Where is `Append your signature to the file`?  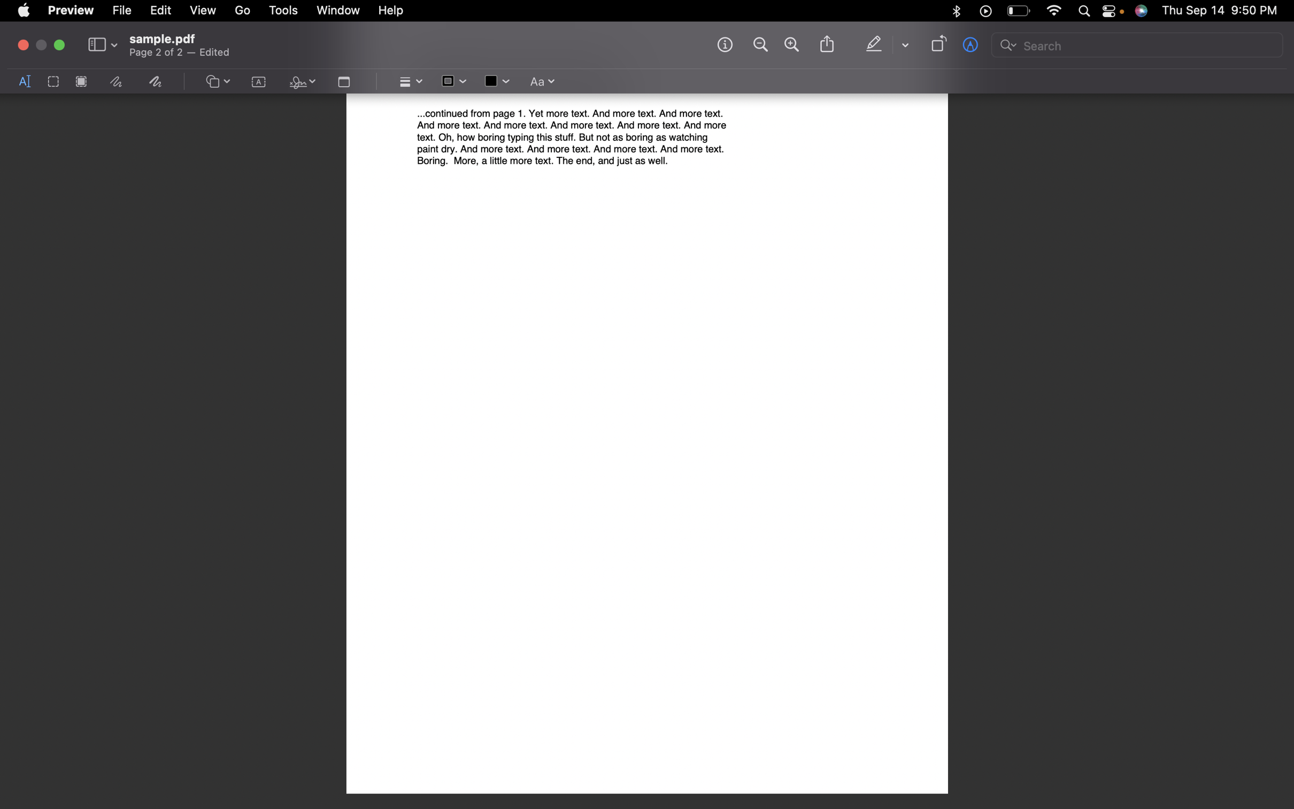
Append your signature to the file is located at coordinates (300, 82).